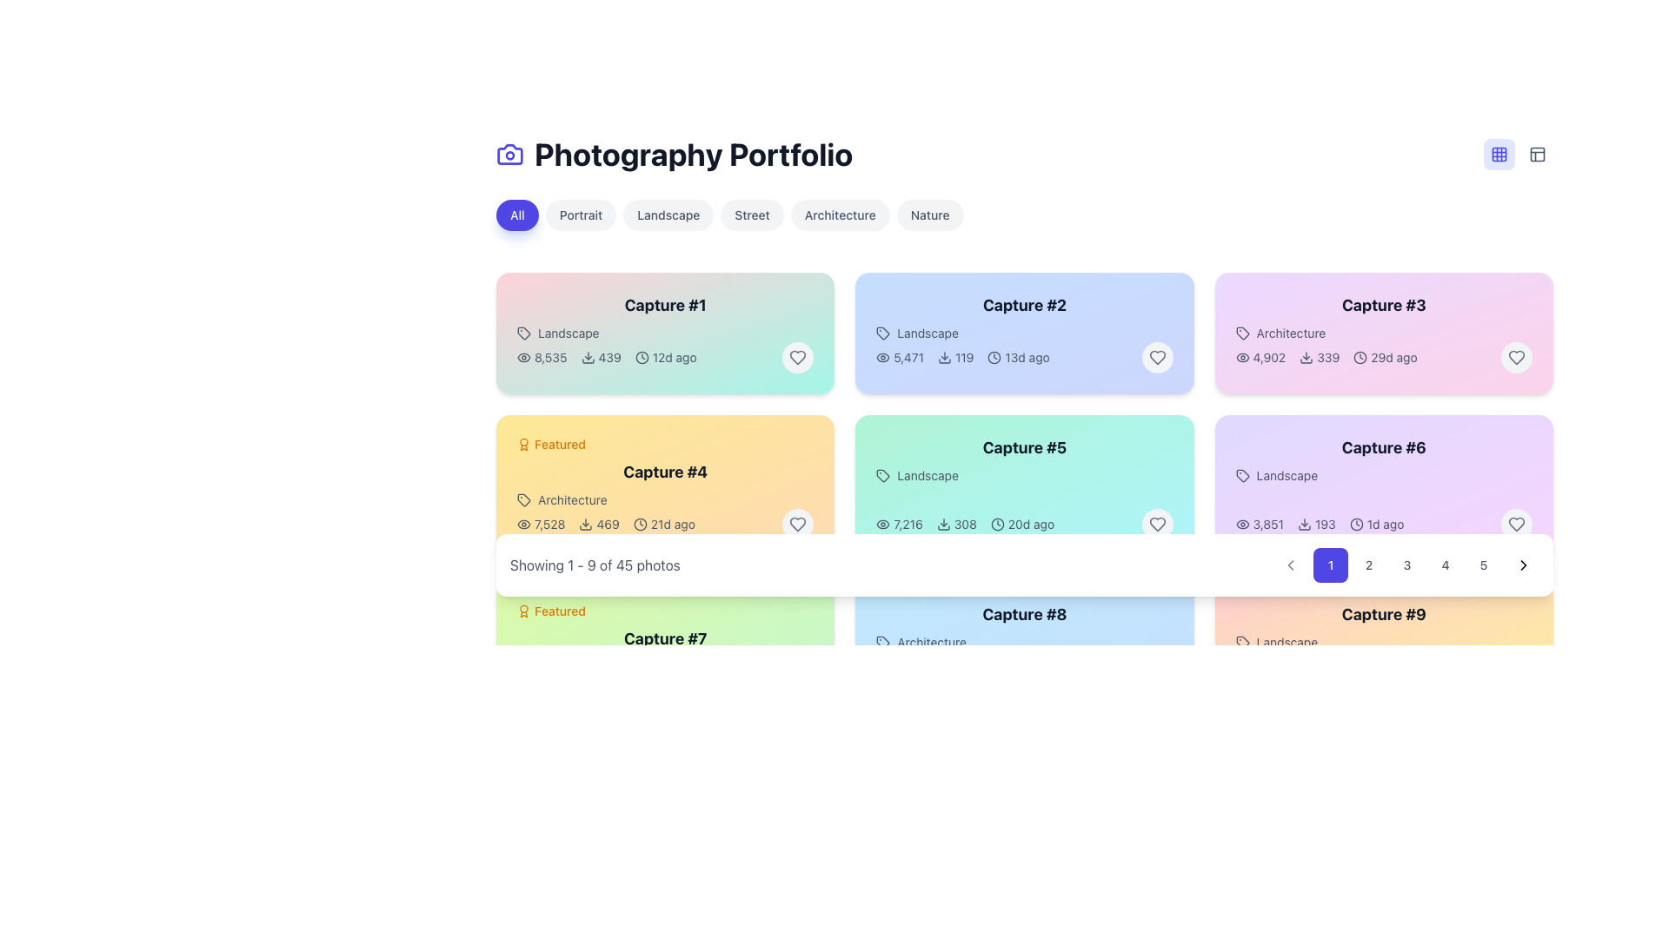 Image resolution: width=1669 pixels, height=938 pixels. What do you see at coordinates (1498, 153) in the screenshot?
I see `the button located in the top right corner of the interface to switch the layout or view mode to a grid format` at bounding box center [1498, 153].